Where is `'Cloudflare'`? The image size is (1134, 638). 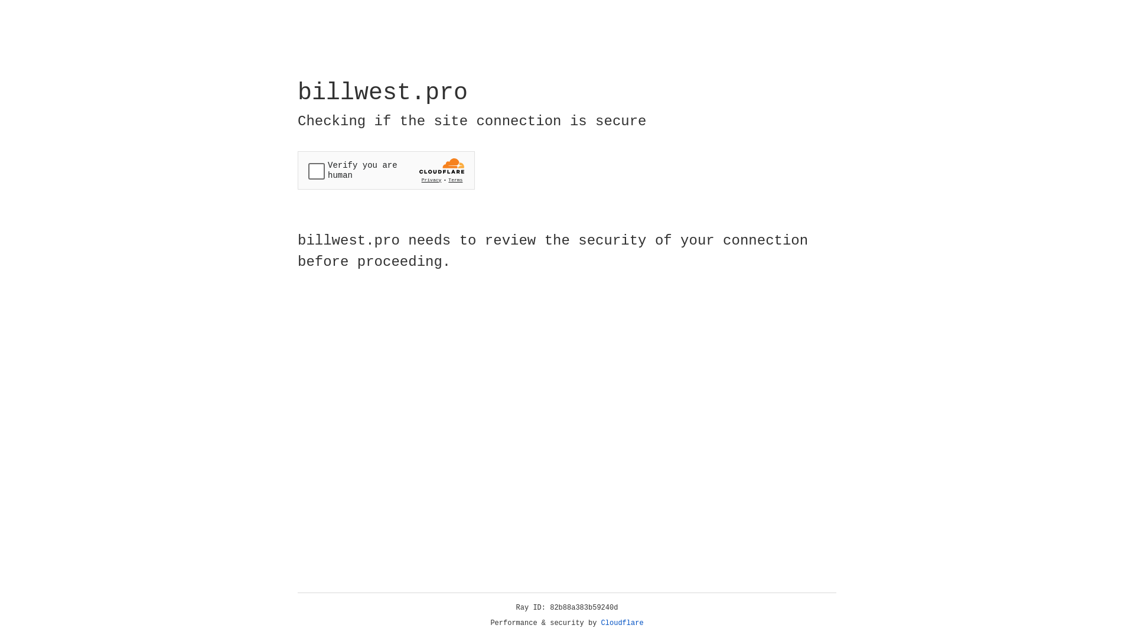 'Cloudflare' is located at coordinates (601, 623).